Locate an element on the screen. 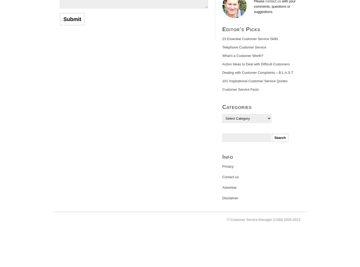 The image size is (360, 267). 'Telephone Customer Service' is located at coordinates (244, 47).